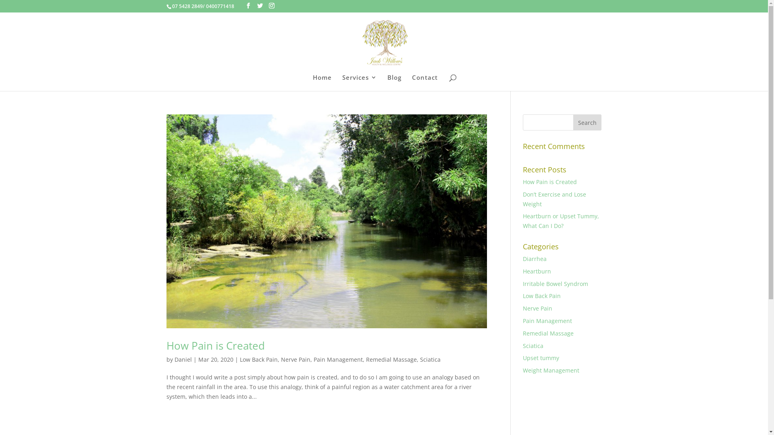  Describe the element at coordinates (359, 83) in the screenshot. I see `'Services'` at that location.